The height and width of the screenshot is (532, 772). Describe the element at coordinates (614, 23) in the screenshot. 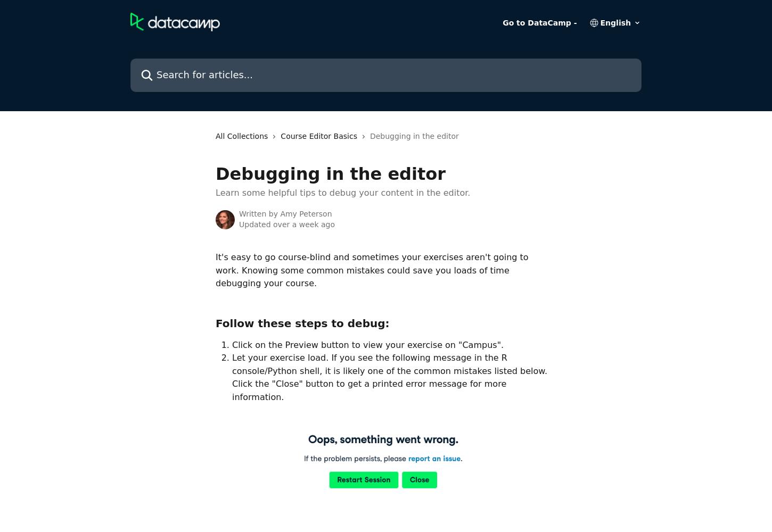

I see `'English'` at that location.